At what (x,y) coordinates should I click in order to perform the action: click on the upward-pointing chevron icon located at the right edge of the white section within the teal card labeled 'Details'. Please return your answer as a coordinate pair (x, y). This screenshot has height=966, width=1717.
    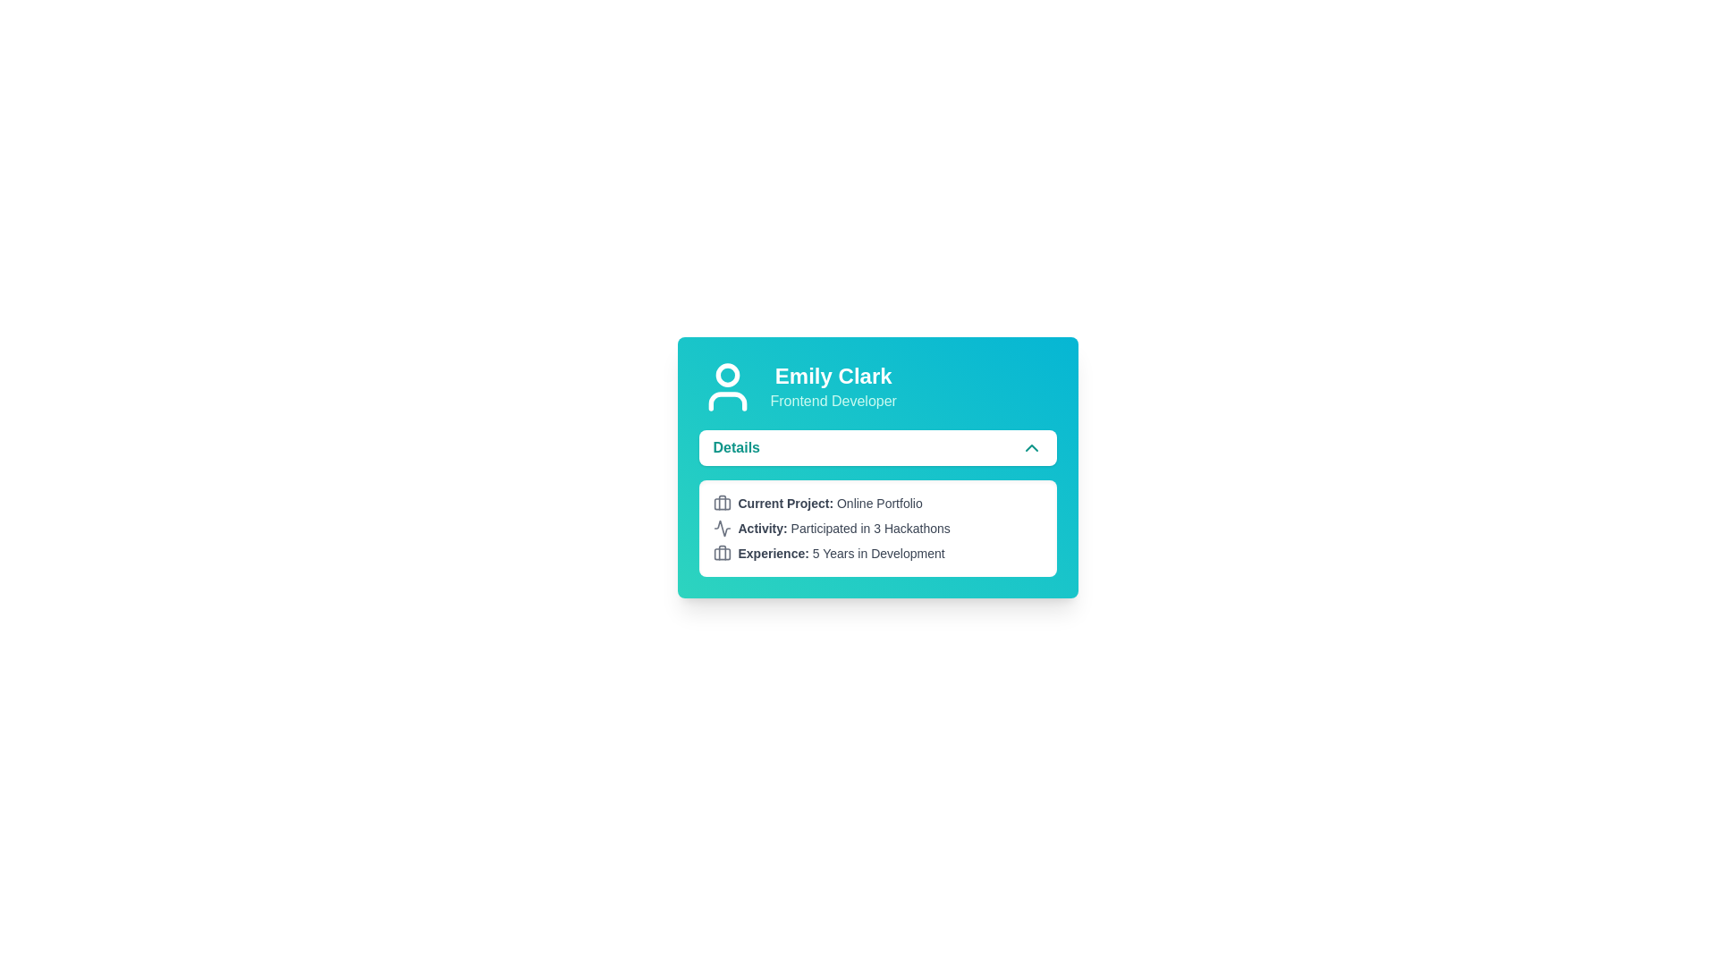
    Looking at the image, I should click on (1031, 447).